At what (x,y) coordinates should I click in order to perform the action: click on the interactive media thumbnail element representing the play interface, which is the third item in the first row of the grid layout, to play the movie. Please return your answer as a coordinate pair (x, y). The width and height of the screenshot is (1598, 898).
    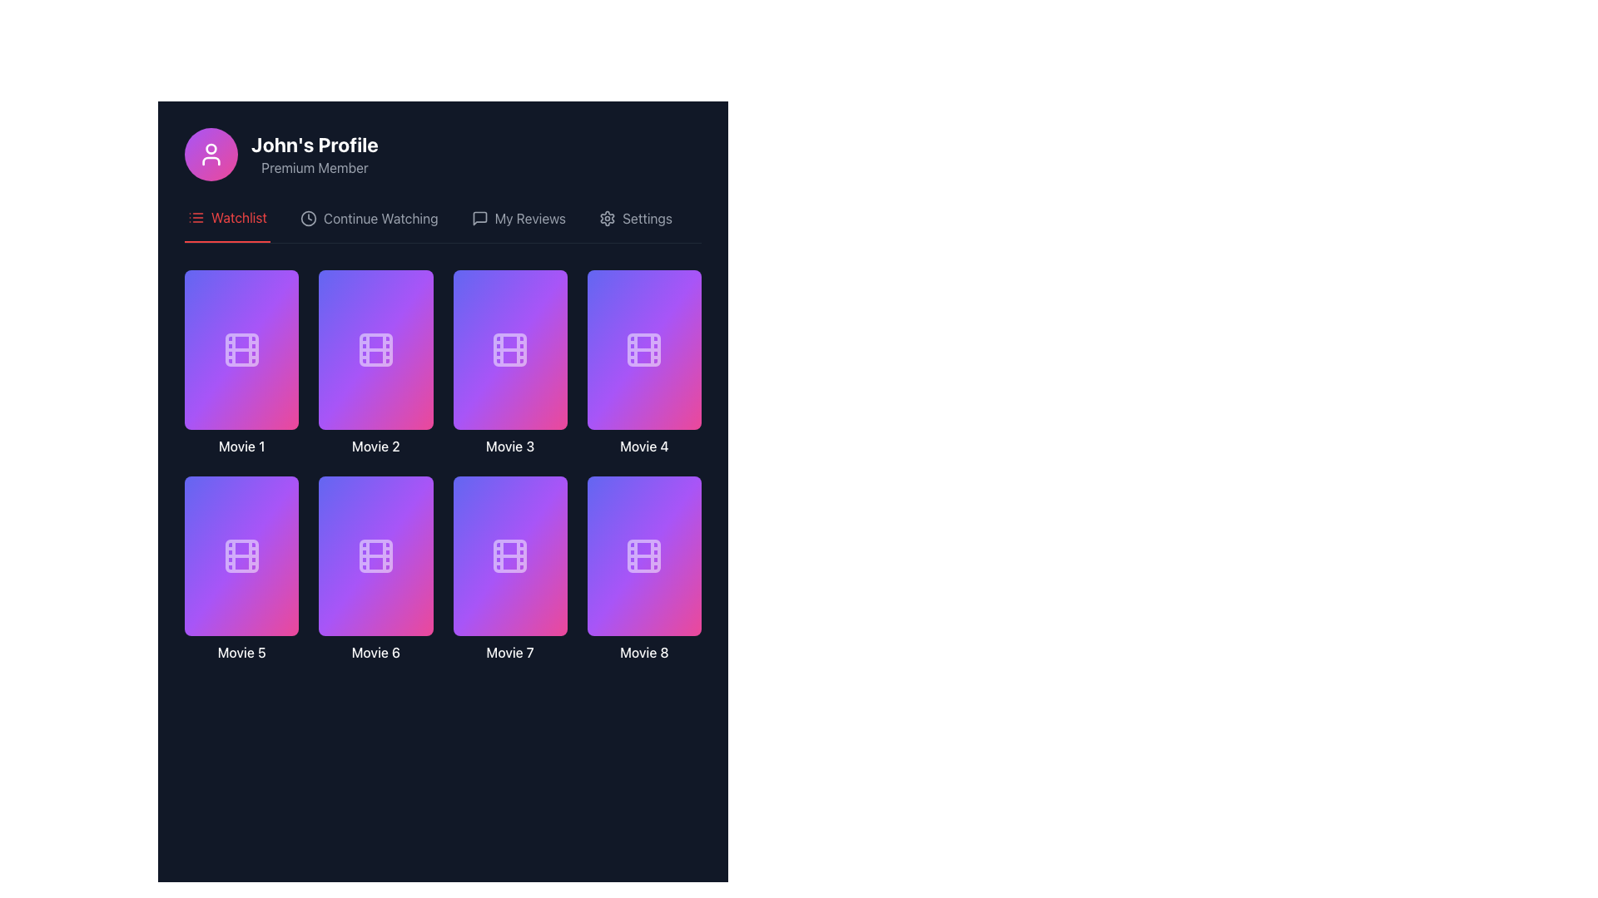
    Looking at the image, I should click on (509, 362).